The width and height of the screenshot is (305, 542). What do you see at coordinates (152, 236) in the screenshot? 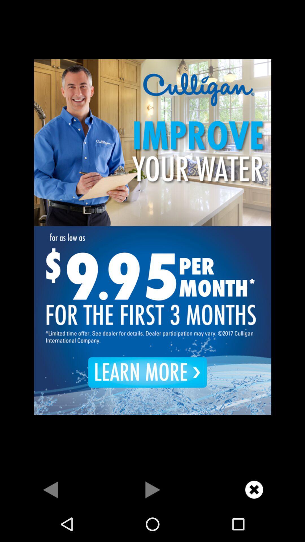
I see `advertisement page` at bounding box center [152, 236].